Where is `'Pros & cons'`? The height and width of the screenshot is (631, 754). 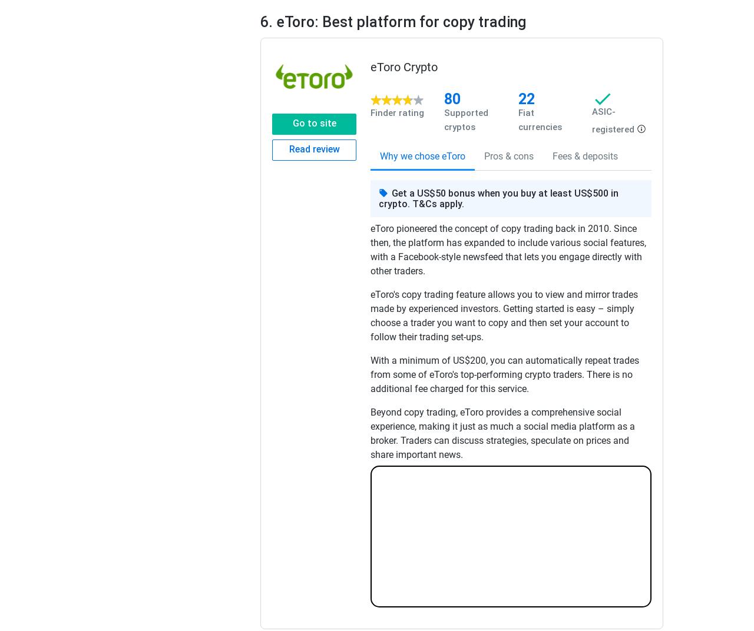
'Pros & cons' is located at coordinates (509, 156).